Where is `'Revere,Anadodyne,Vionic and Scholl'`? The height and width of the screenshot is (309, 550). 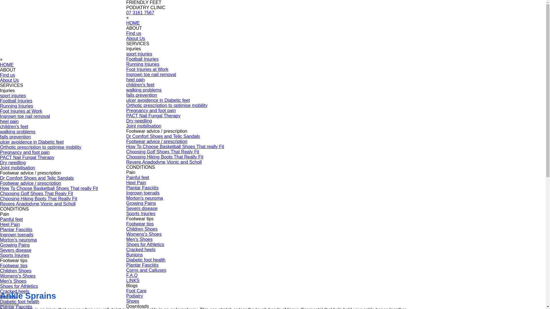
'Revere,Anadodyne,Vionic and Scholl' is located at coordinates (126, 162).